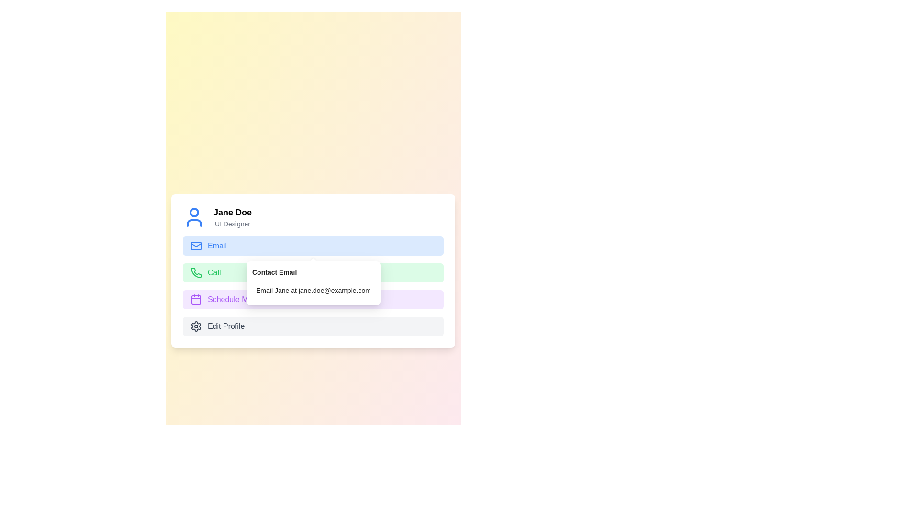  Describe the element at coordinates (313, 217) in the screenshot. I see `the Profile information display located above the interactive buttons in the user card section, which shows the name and title of the individual` at that location.